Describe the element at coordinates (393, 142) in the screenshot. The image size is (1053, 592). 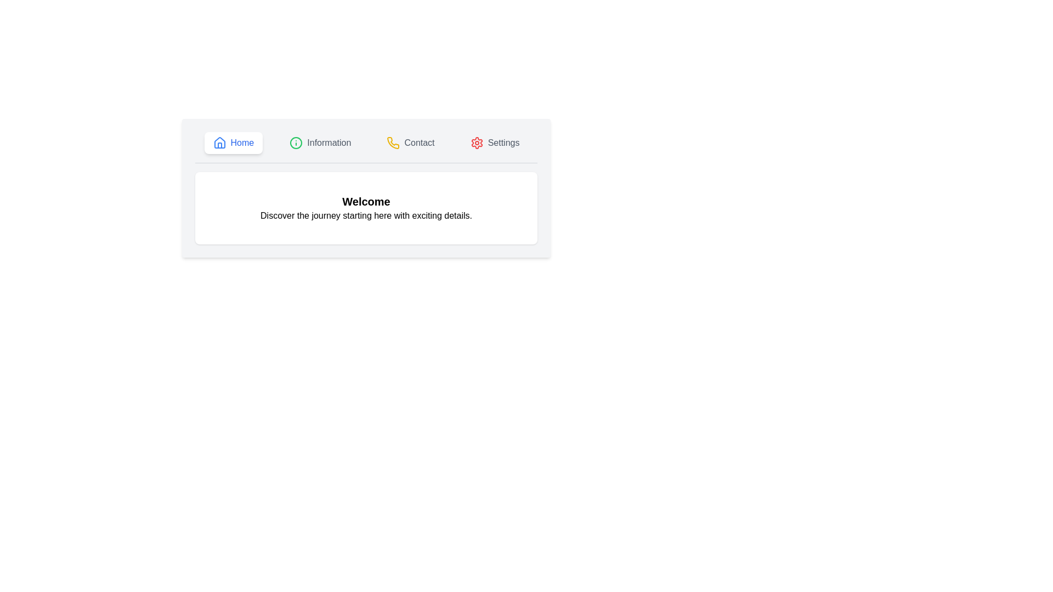
I see `the 'Contact' icon in the header navigation bar` at that location.